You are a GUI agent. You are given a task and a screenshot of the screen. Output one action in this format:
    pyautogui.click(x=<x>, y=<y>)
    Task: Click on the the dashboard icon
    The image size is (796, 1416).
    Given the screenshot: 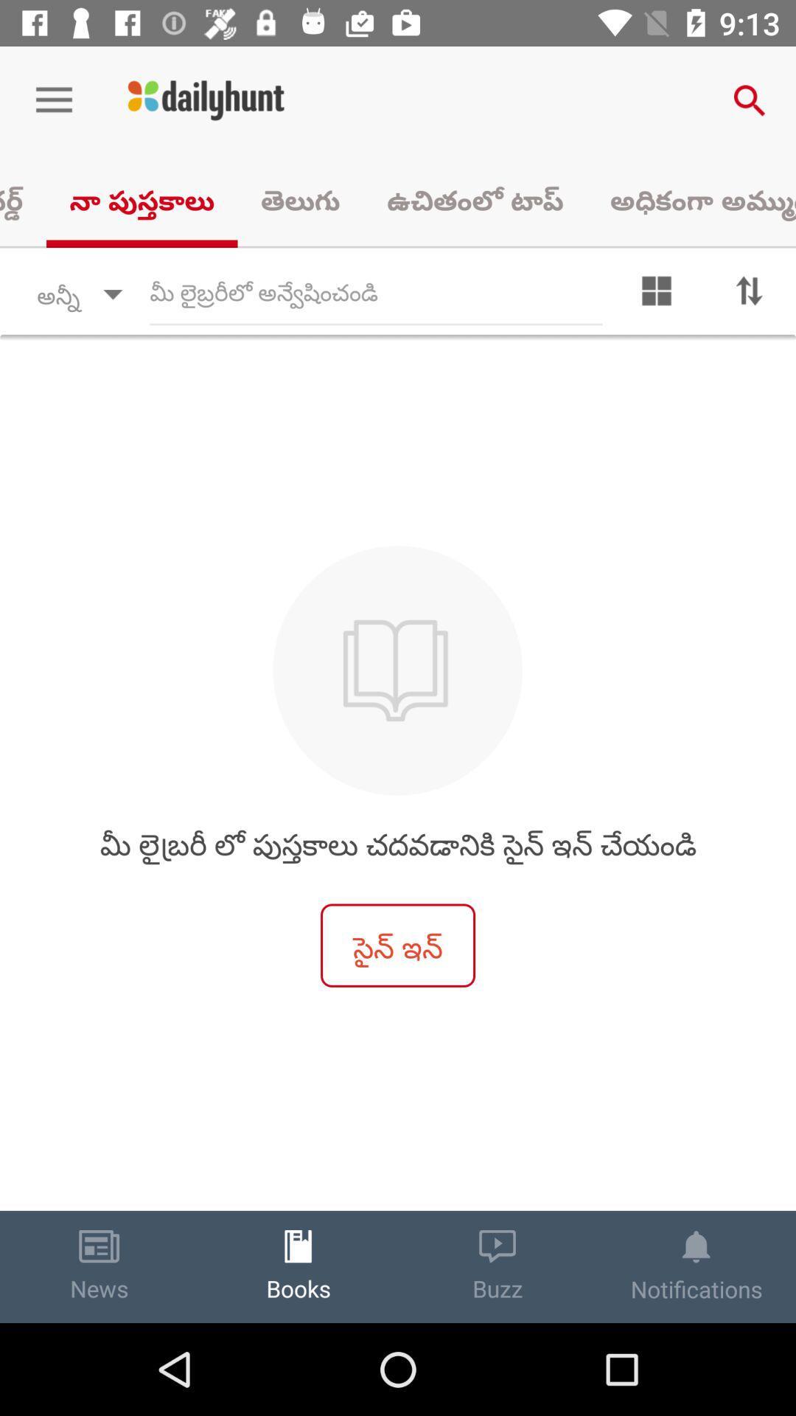 What is the action you would take?
    pyautogui.click(x=656, y=294)
    